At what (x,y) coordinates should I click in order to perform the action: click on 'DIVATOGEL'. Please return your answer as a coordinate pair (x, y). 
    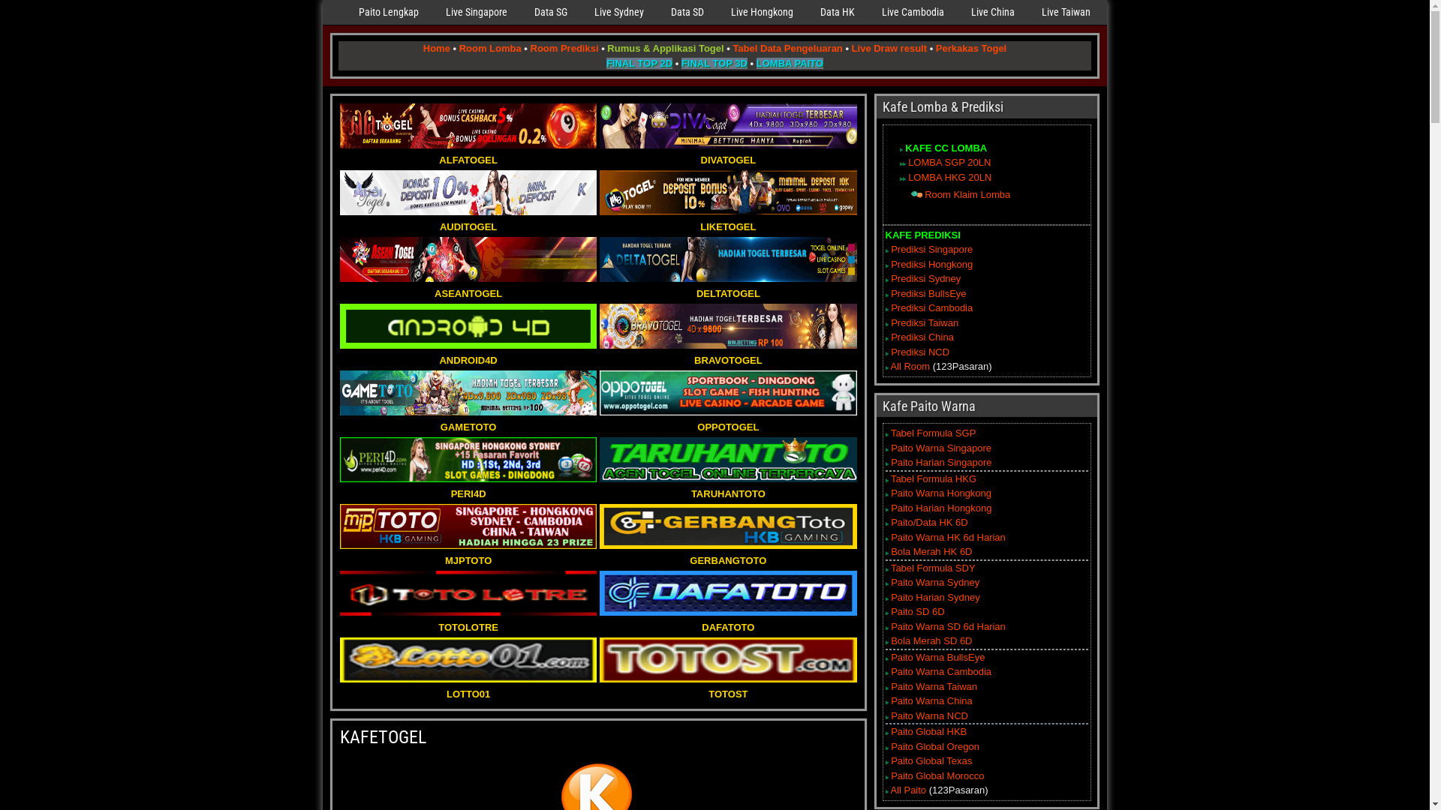
    Looking at the image, I should click on (727, 152).